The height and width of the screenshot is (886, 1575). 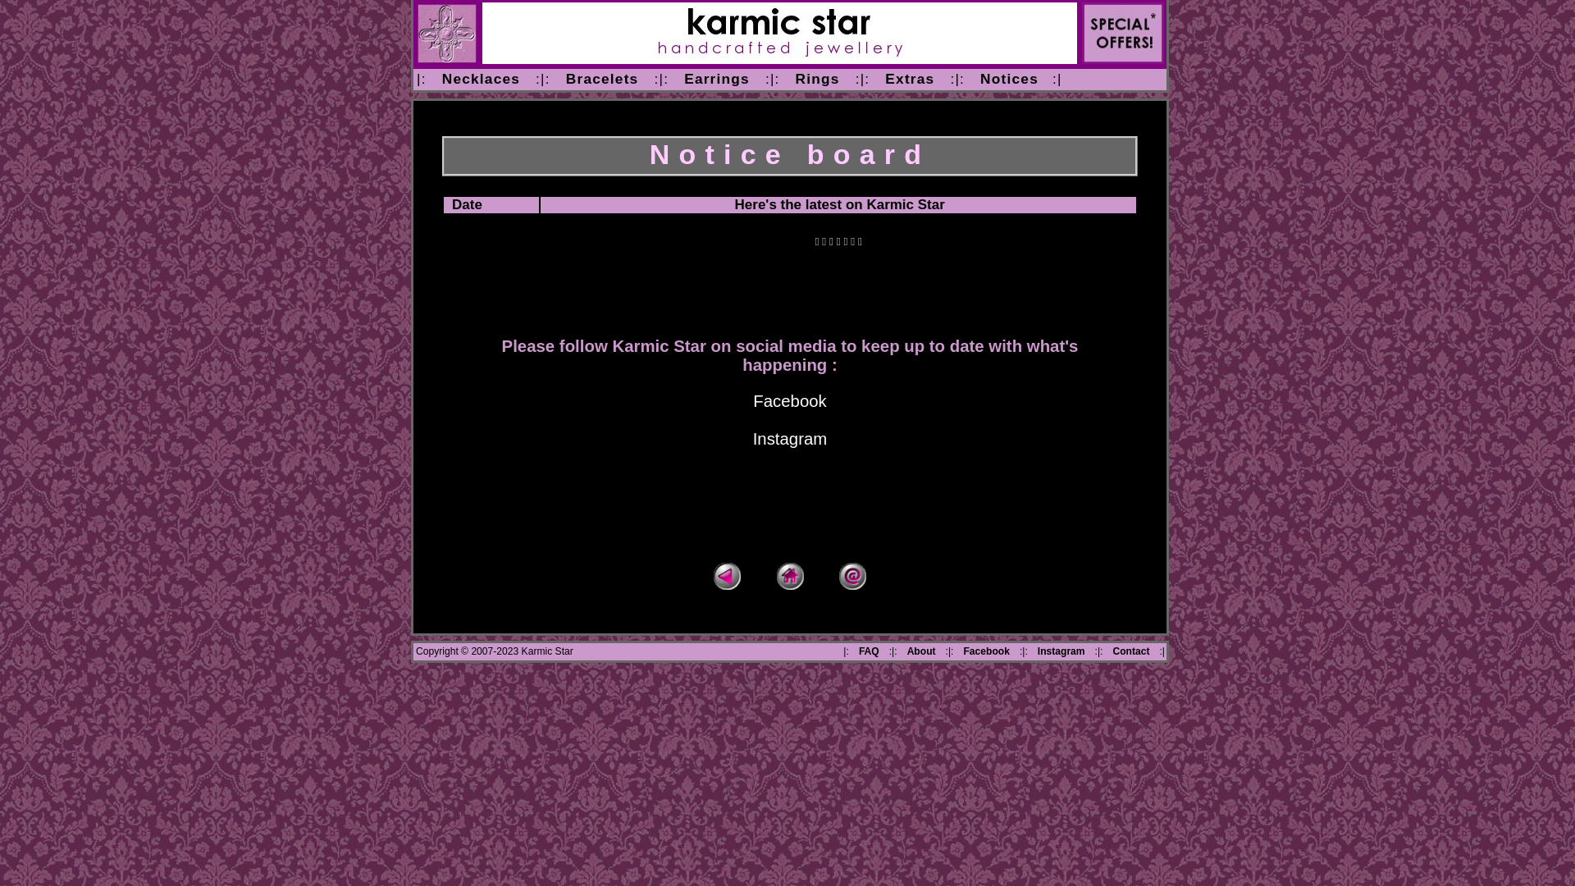 I want to click on 'Notices', so click(x=1008, y=79).